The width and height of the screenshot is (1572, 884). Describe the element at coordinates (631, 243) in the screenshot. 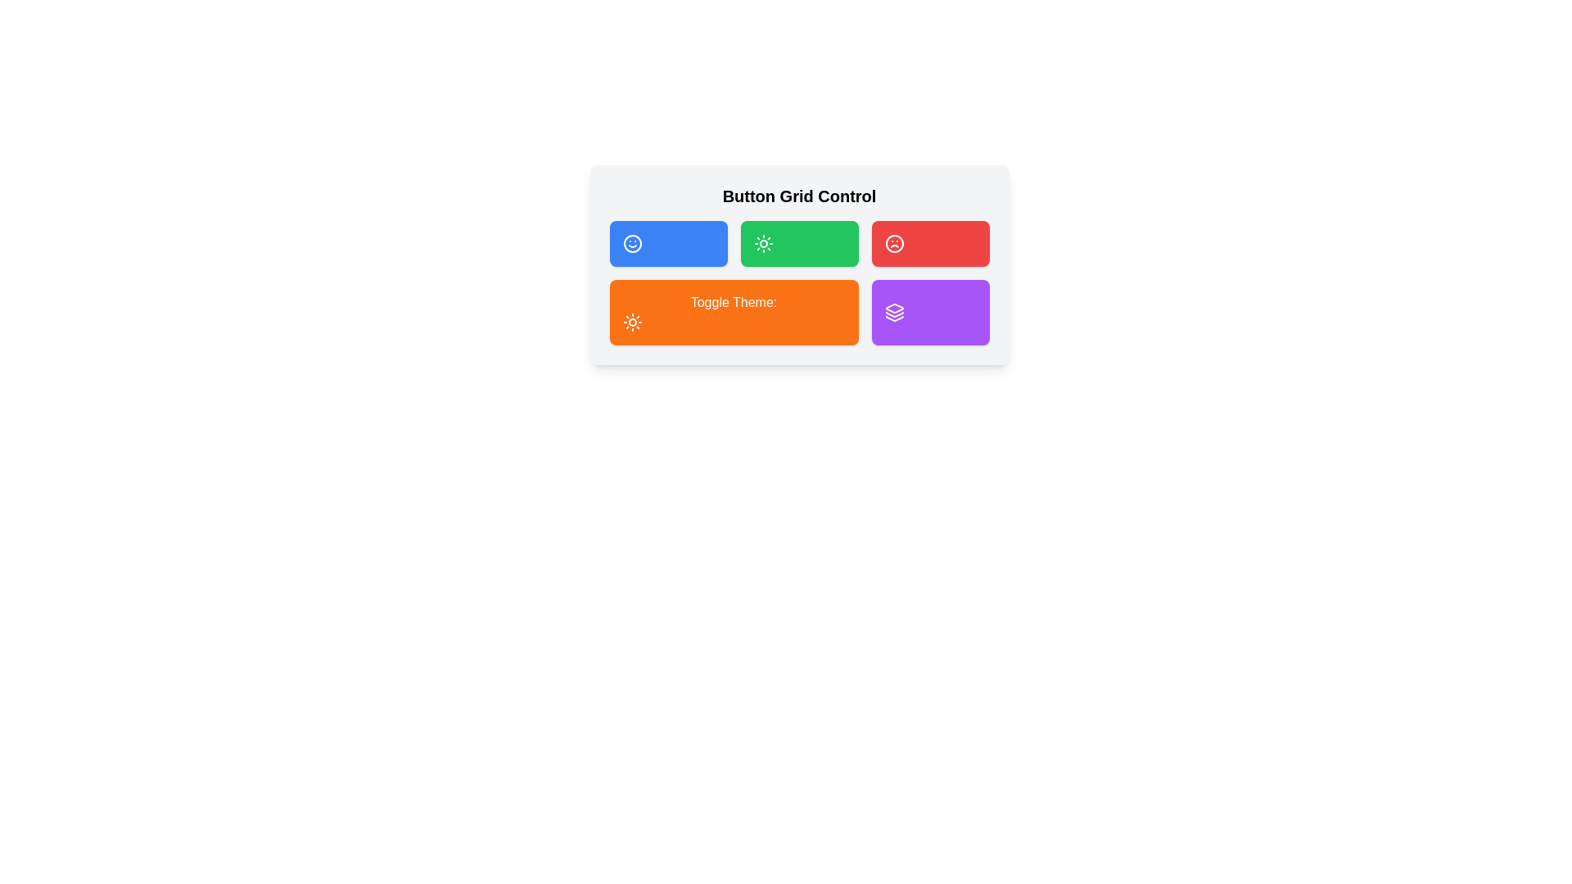

I see `the SVG circle graphic representing the smiley face's circular boundary by clicking nearby for accessibility` at that location.